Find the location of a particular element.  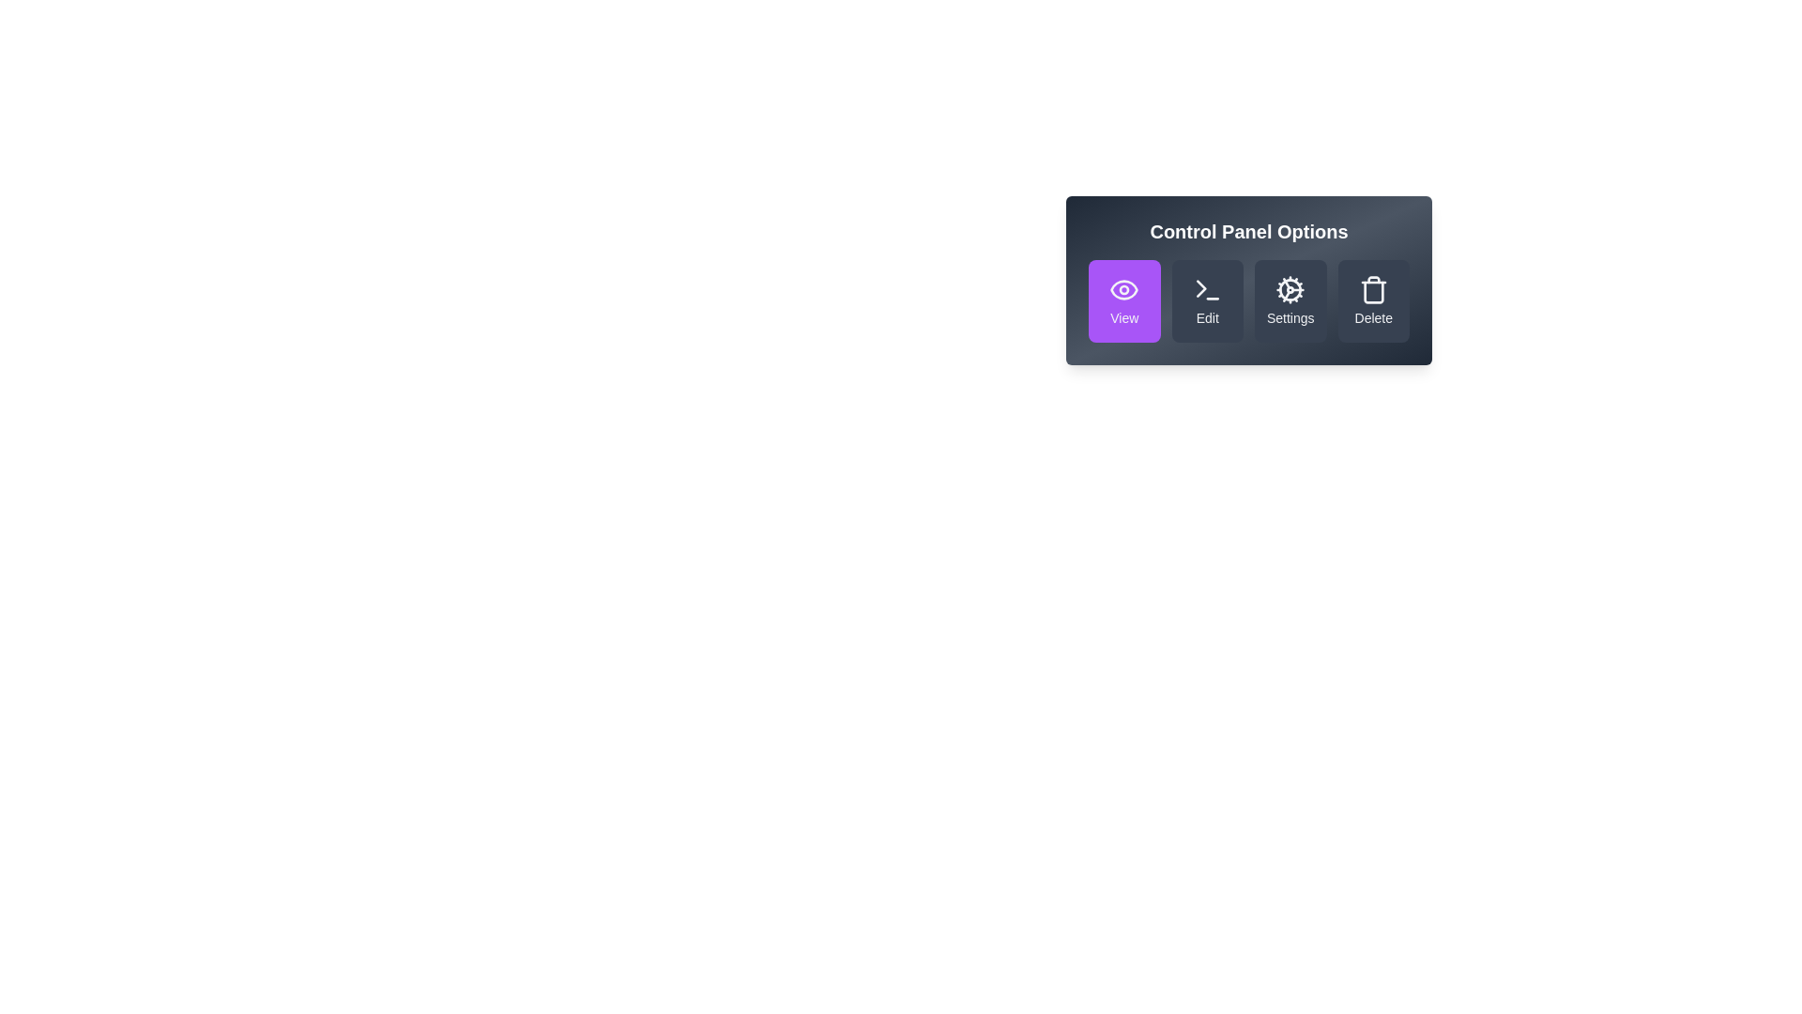

the 'View' icon element located within the purple button at the top-left of the horizontal menu is located at coordinates (1124, 289).